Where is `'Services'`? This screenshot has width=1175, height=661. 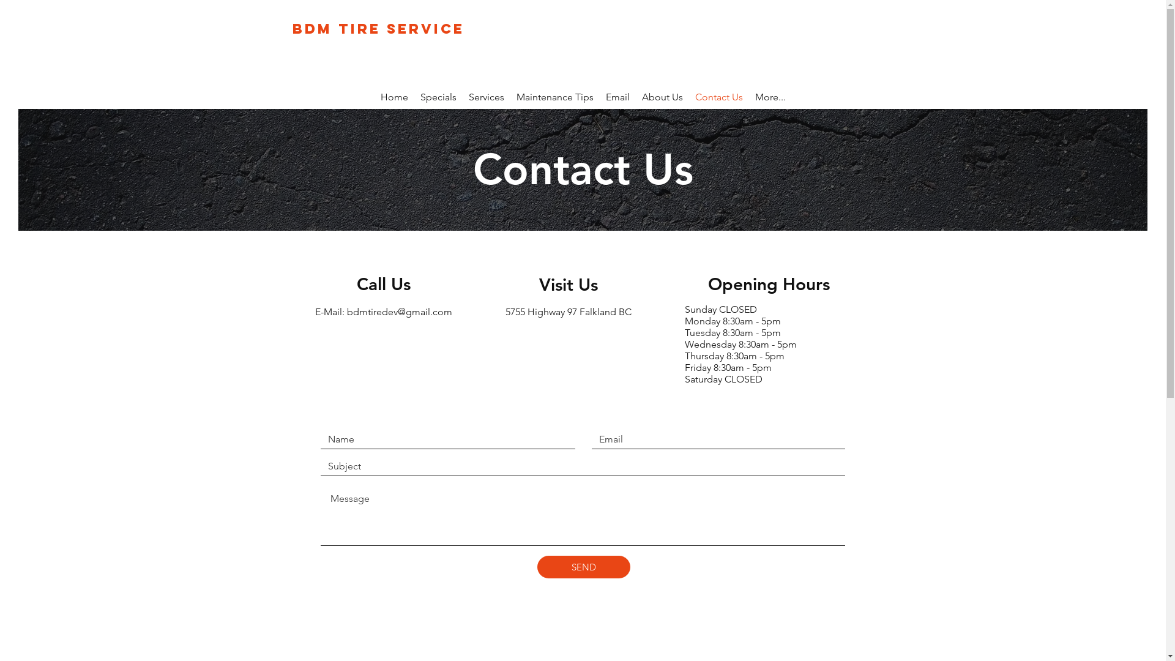
'Services' is located at coordinates (486, 99).